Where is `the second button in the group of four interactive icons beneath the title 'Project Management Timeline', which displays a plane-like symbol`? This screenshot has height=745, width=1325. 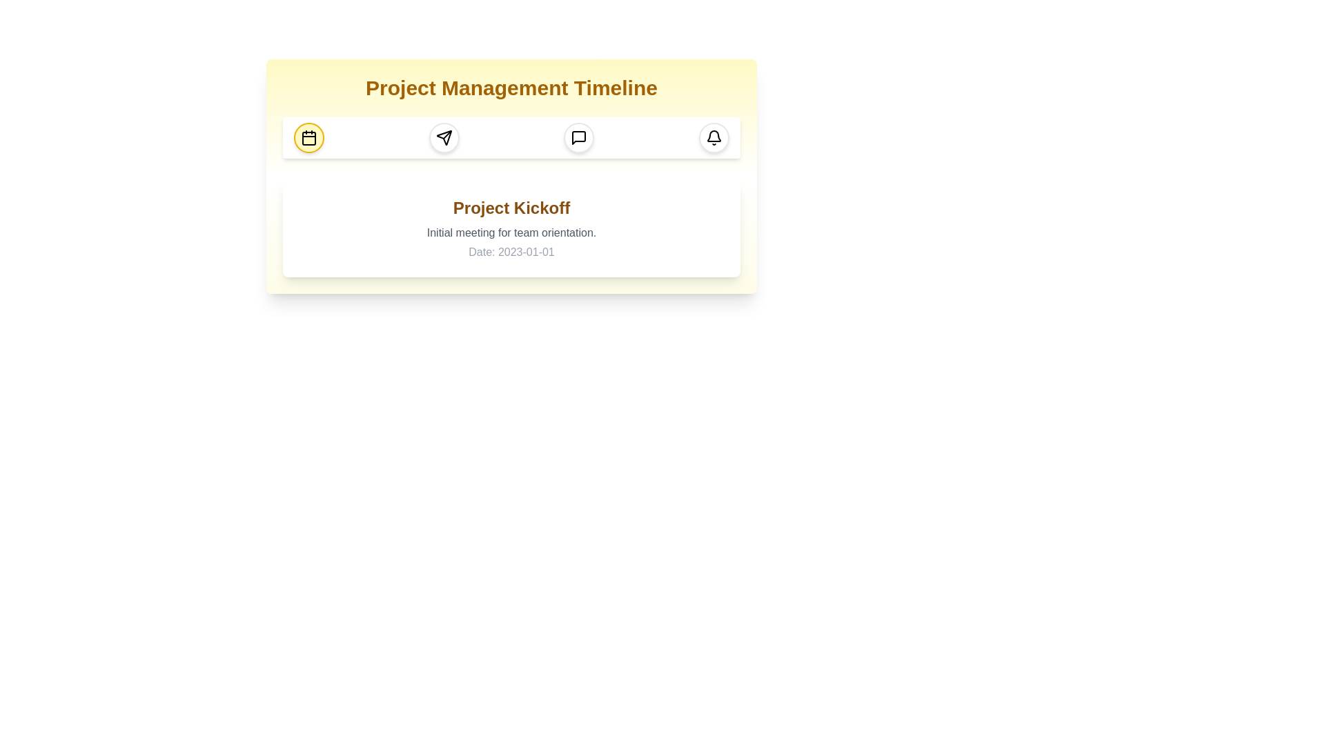
the second button in the group of four interactive icons beneath the title 'Project Management Timeline', which displays a plane-like symbol is located at coordinates (444, 138).